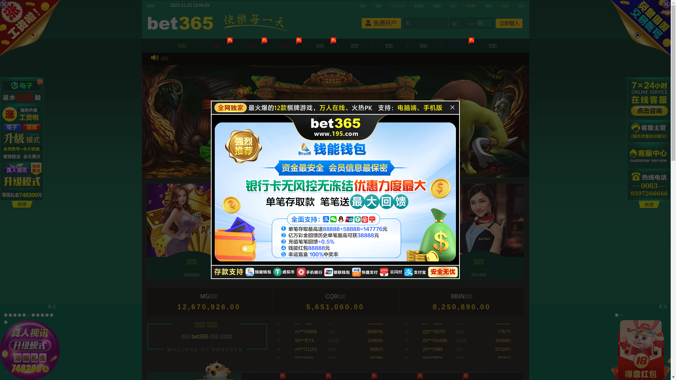 This screenshot has width=676, height=380. Describe the element at coordinates (181, 24) in the screenshot. I see `'BET365'` at that location.